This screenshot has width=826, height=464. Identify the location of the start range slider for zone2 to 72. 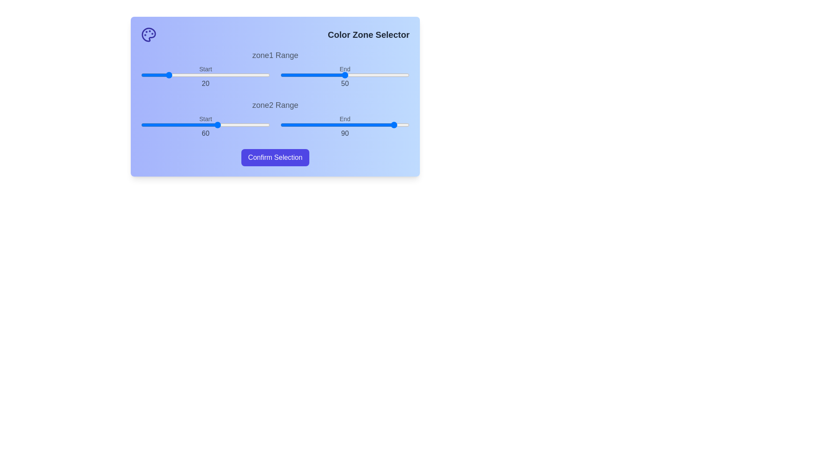
(234, 125).